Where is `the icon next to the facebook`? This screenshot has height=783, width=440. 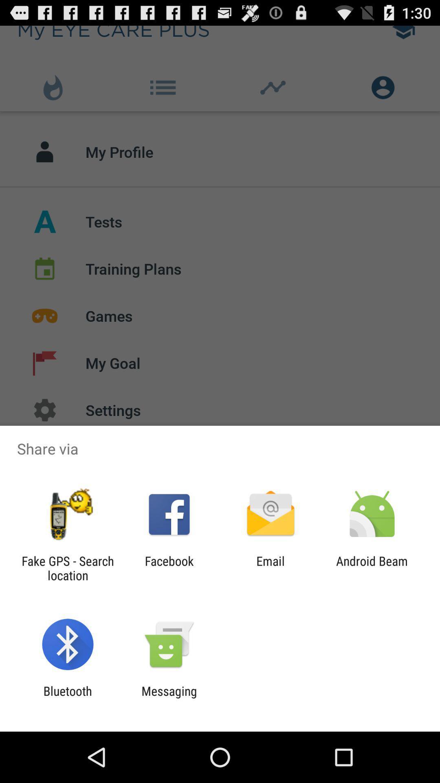
the icon next to the facebook is located at coordinates (271, 568).